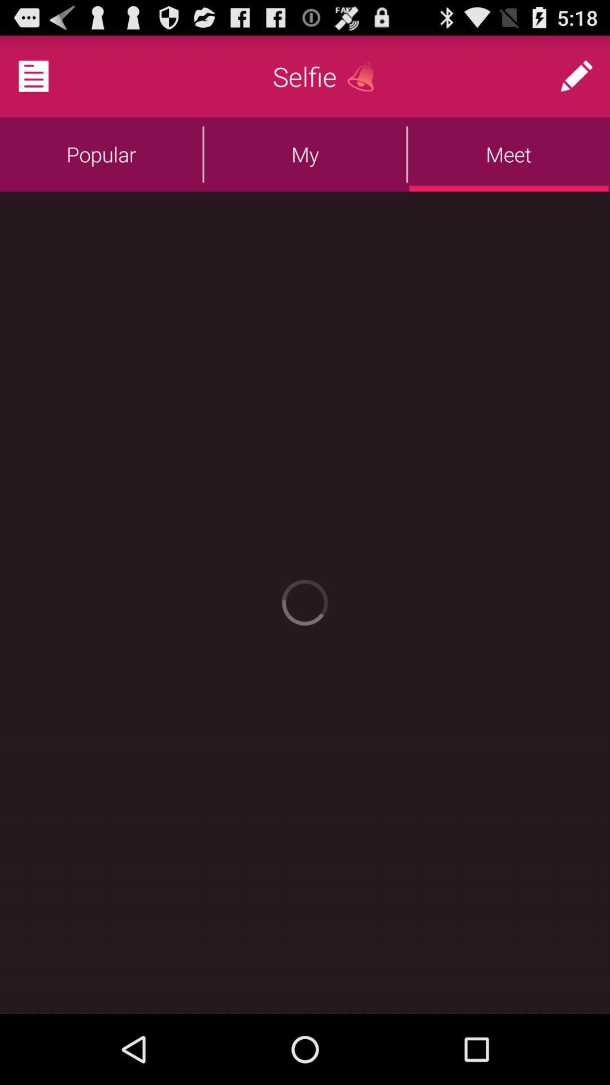 Image resolution: width=610 pixels, height=1085 pixels. I want to click on notifications, so click(47, 75).